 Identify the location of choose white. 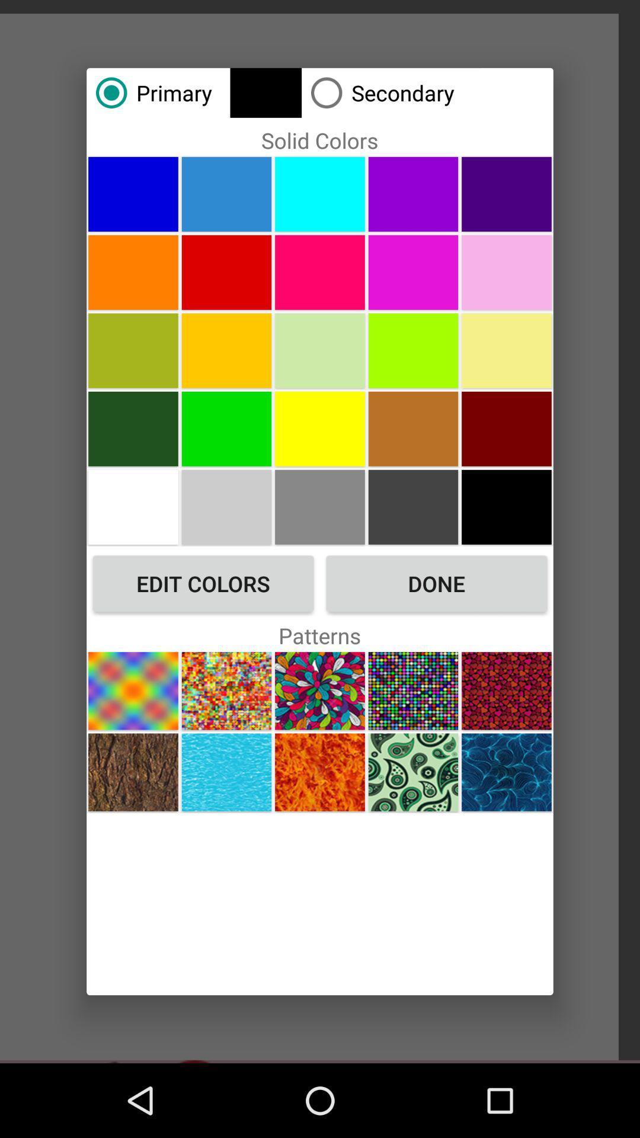
(133, 507).